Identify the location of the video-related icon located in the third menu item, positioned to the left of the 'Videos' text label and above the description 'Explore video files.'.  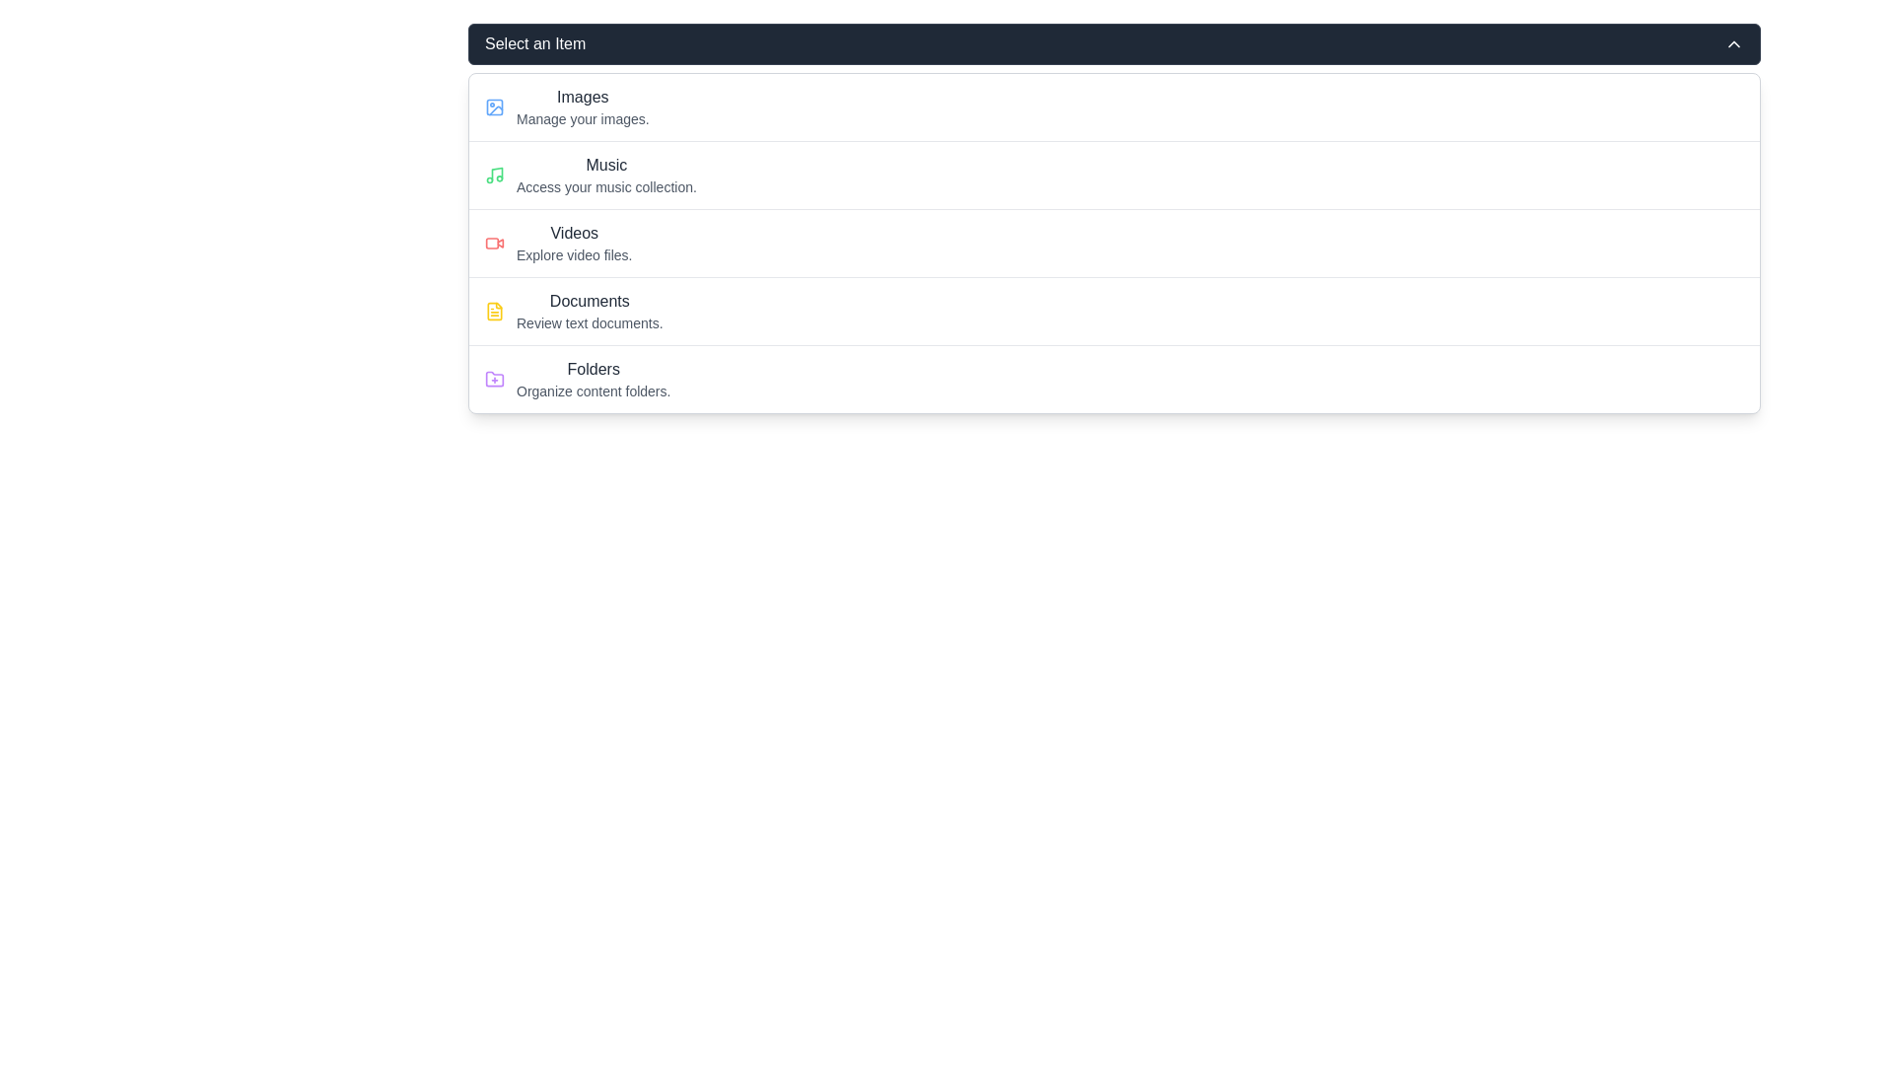
(495, 242).